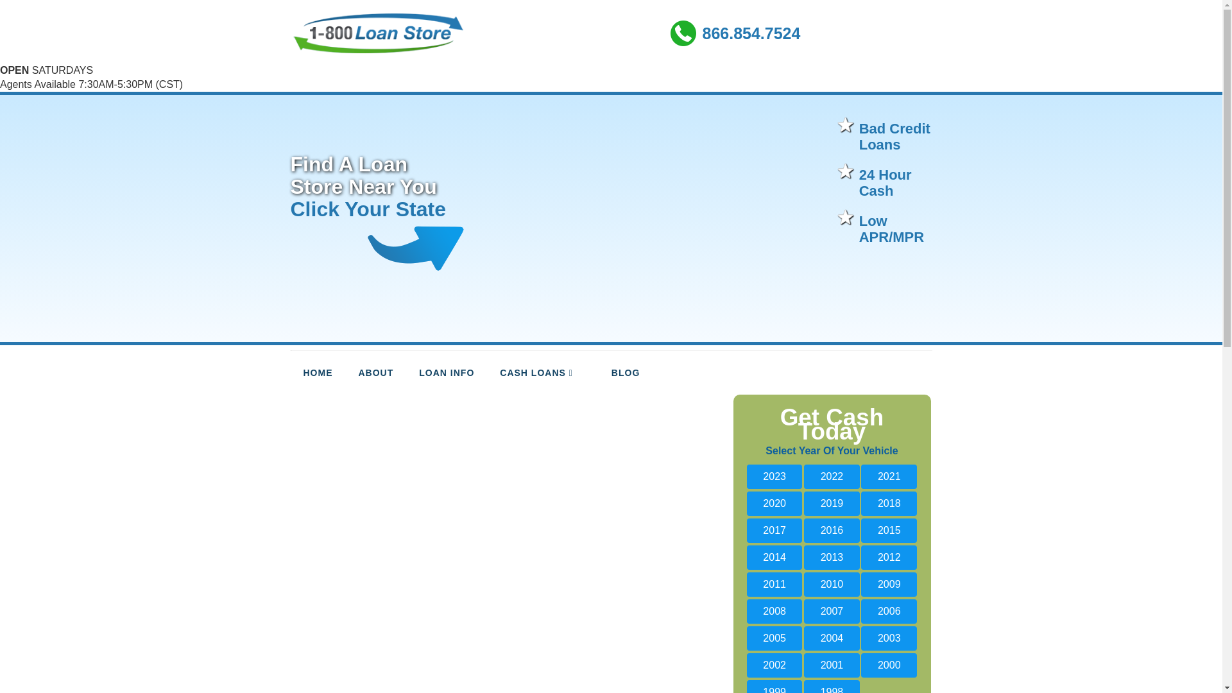 This screenshot has width=1232, height=693. I want to click on 'HOME', so click(317, 373).